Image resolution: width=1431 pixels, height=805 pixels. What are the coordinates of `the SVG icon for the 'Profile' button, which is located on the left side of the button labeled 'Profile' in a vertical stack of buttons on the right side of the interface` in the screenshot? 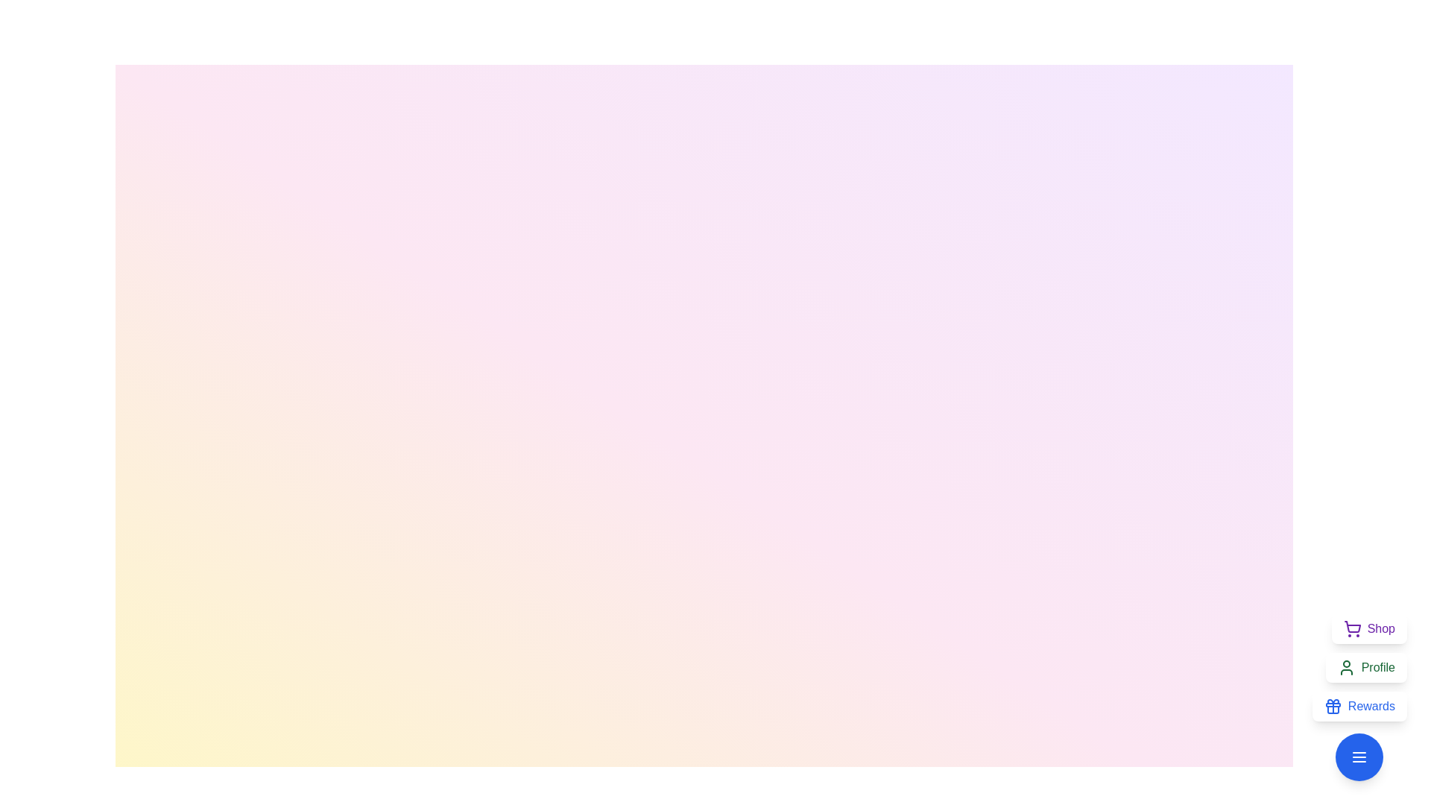 It's located at (1346, 666).